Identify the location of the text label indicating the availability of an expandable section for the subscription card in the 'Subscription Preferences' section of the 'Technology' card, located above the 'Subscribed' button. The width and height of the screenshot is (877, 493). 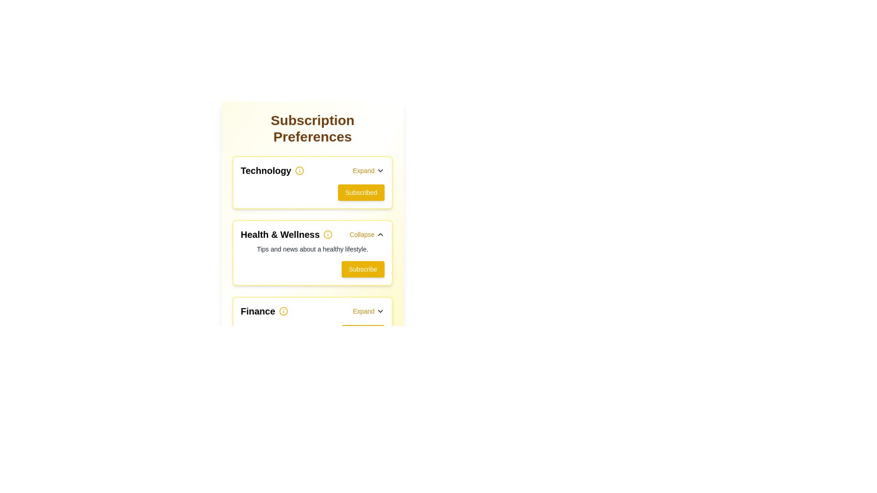
(363, 171).